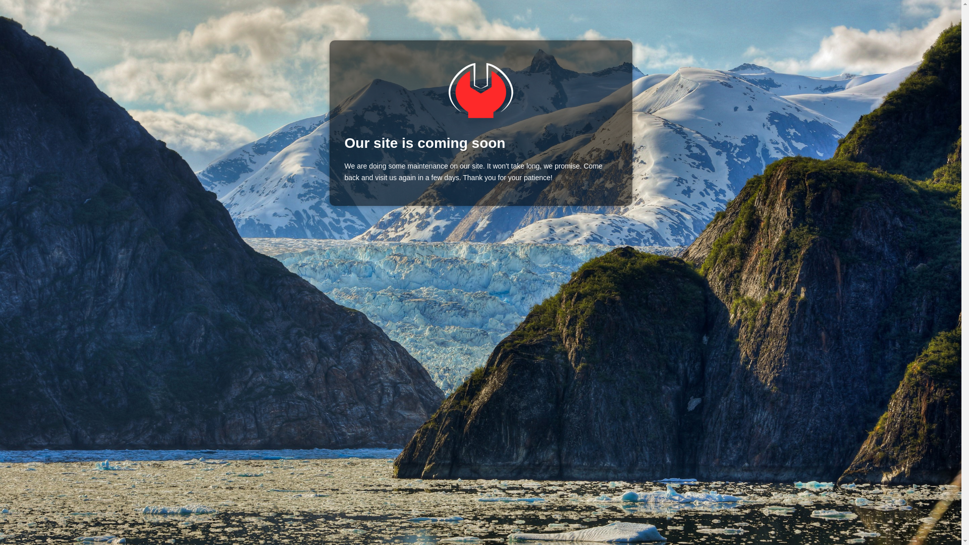 The width and height of the screenshot is (969, 545). What do you see at coordinates (479, 90) in the screenshot?
I see `'Neesh Property'` at bounding box center [479, 90].